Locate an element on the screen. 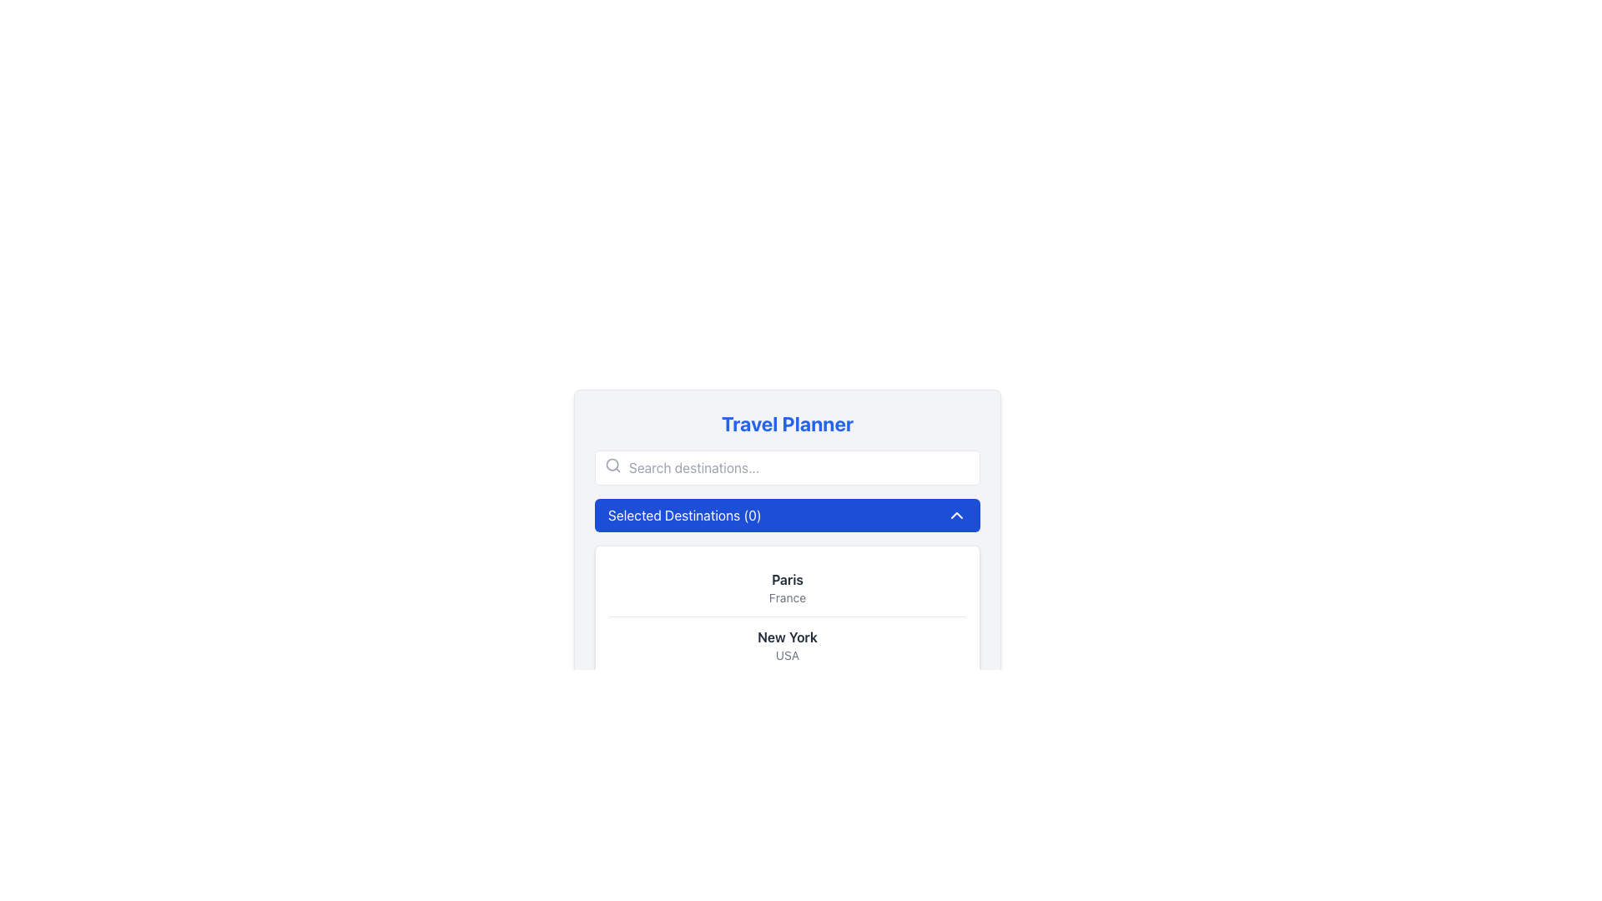  the text label displaying 'France' which is located in the 'Selected Destinations' section, directly below 'Paris' is located at coordinates (787, 597).